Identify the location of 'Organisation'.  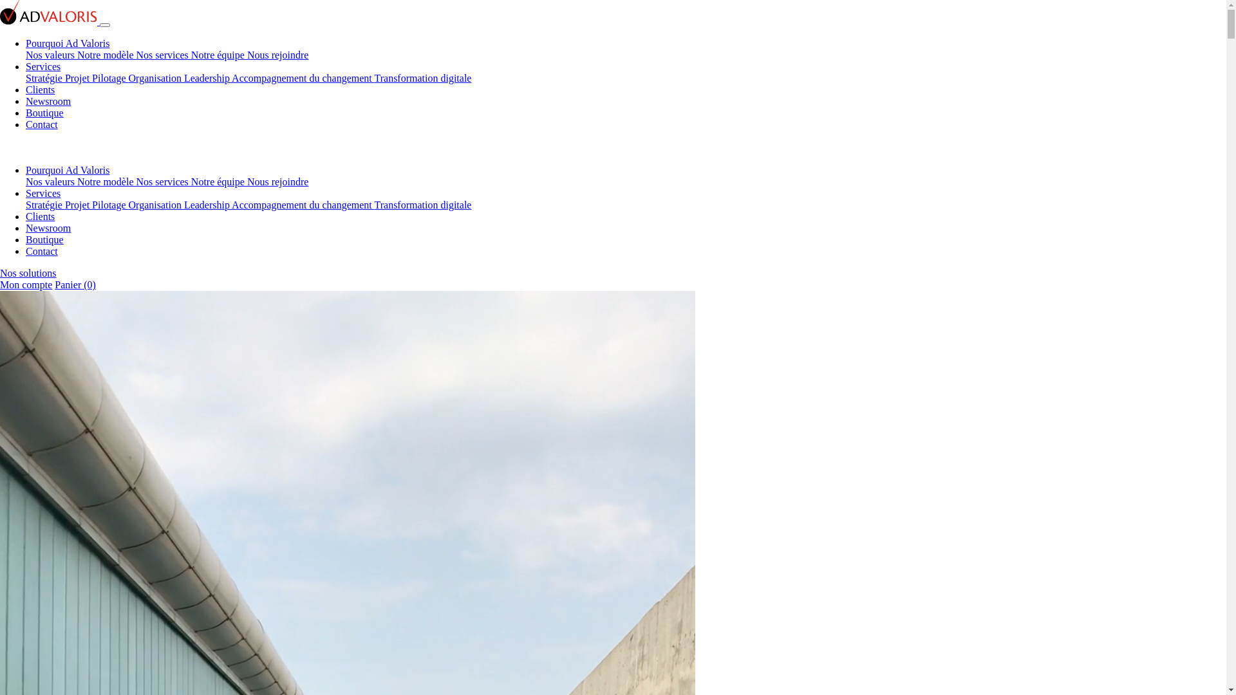
(156, 204).